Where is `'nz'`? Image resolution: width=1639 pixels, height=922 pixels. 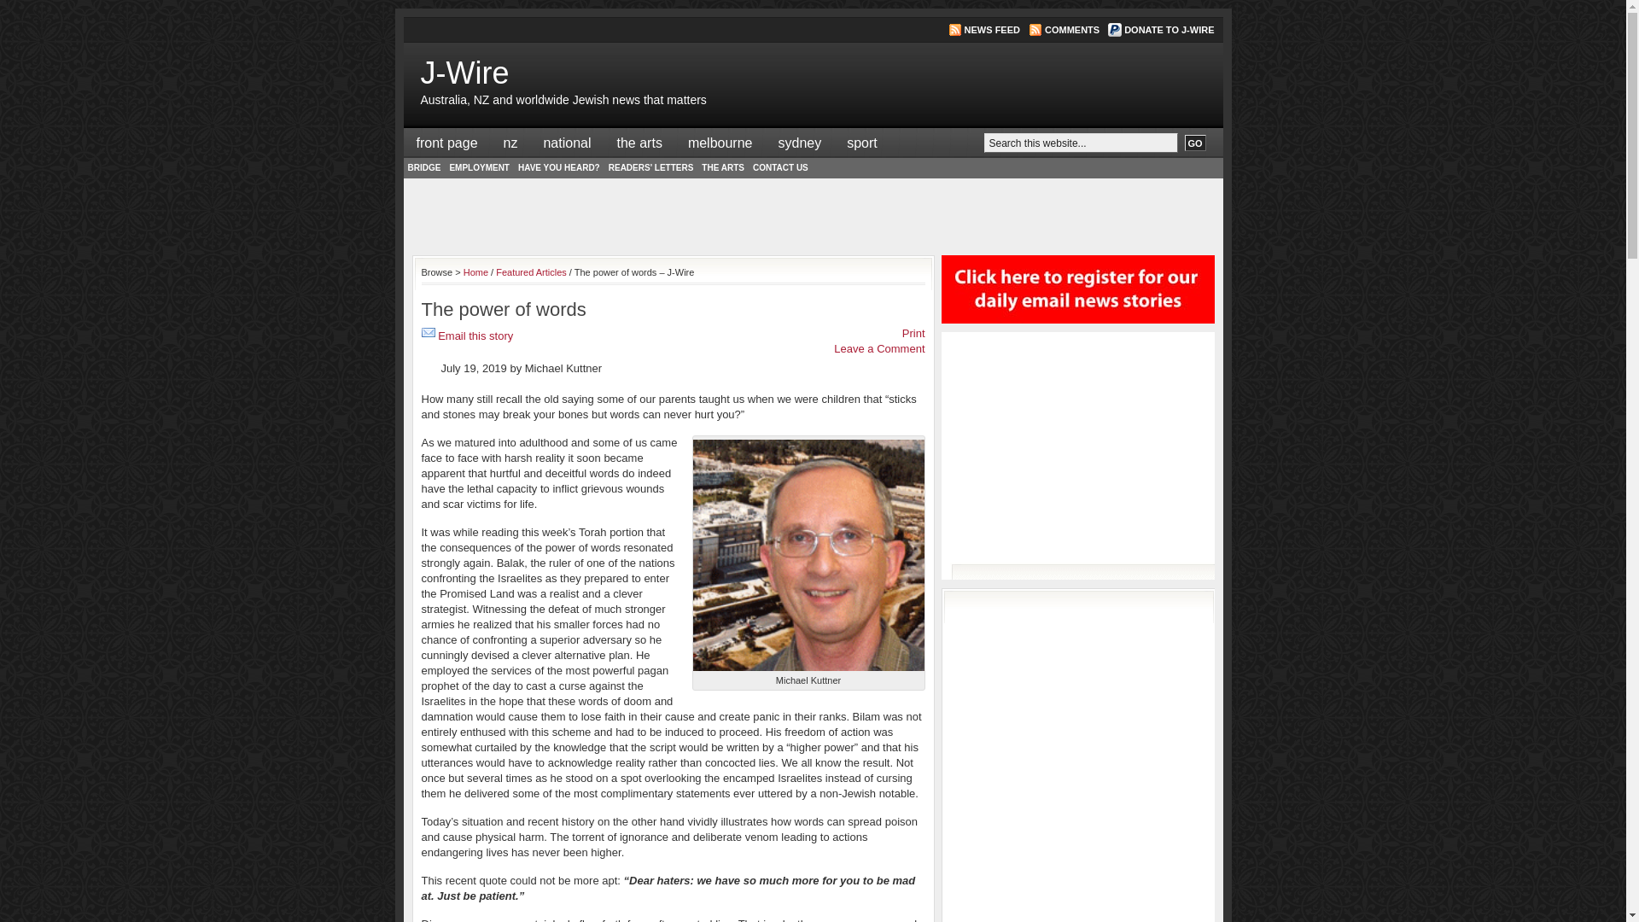
'nz' is located at coordinates (510, 142).